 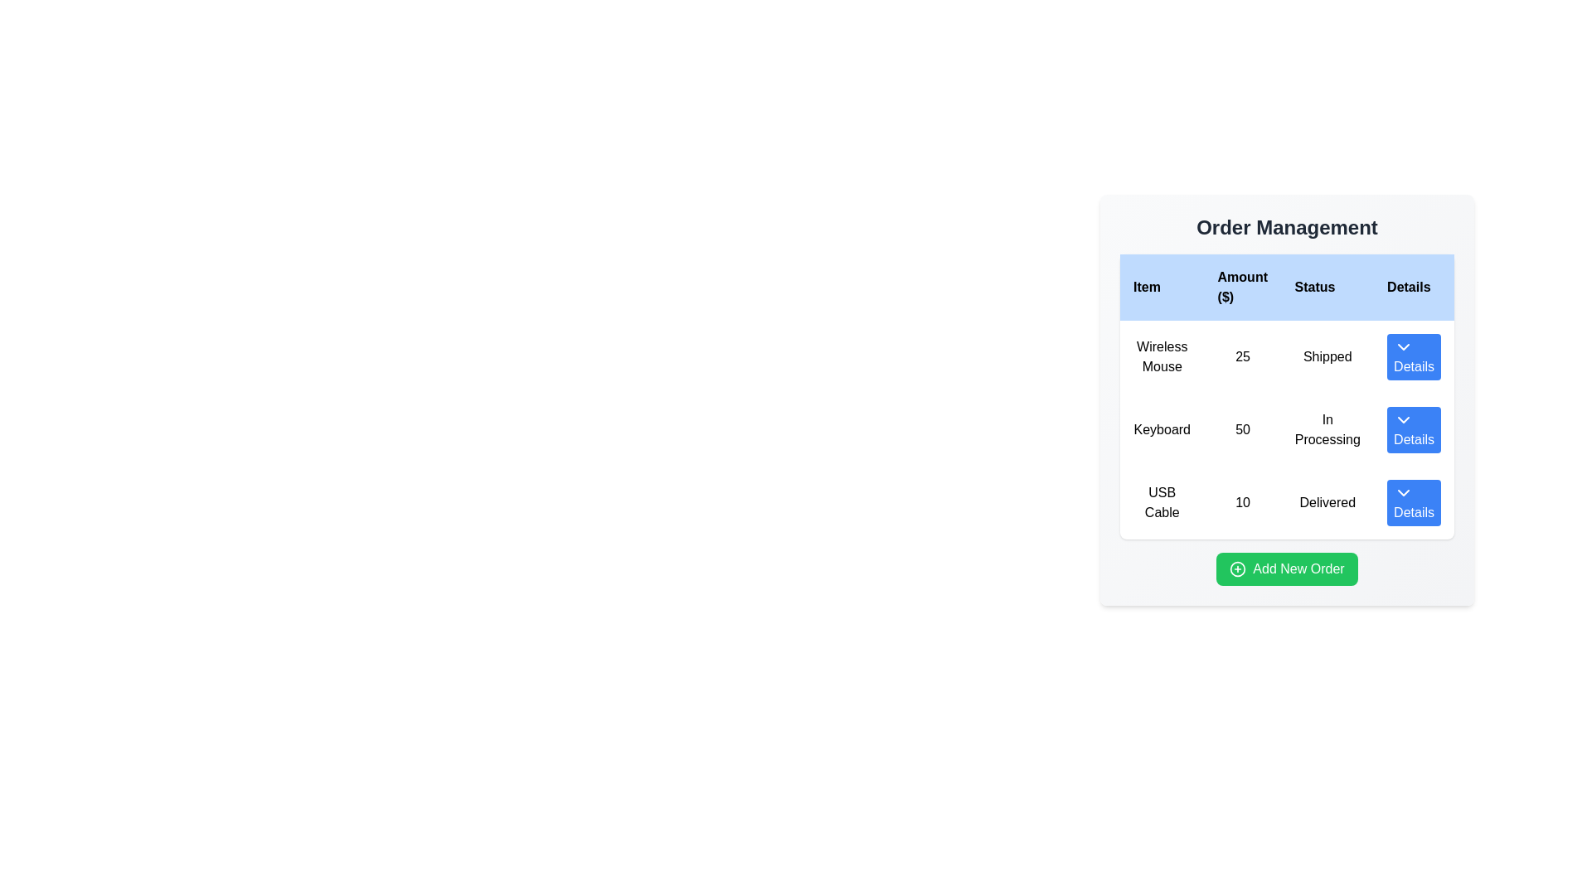 What do you see at coordinates (1161, 356) in the screenshot?
I see `the static text label component that displays 'Wireless Mouse', styled with padding 'p-4', located under the 'Item' column in the first row of a table-like layout` at bounding box center [1161, 356].